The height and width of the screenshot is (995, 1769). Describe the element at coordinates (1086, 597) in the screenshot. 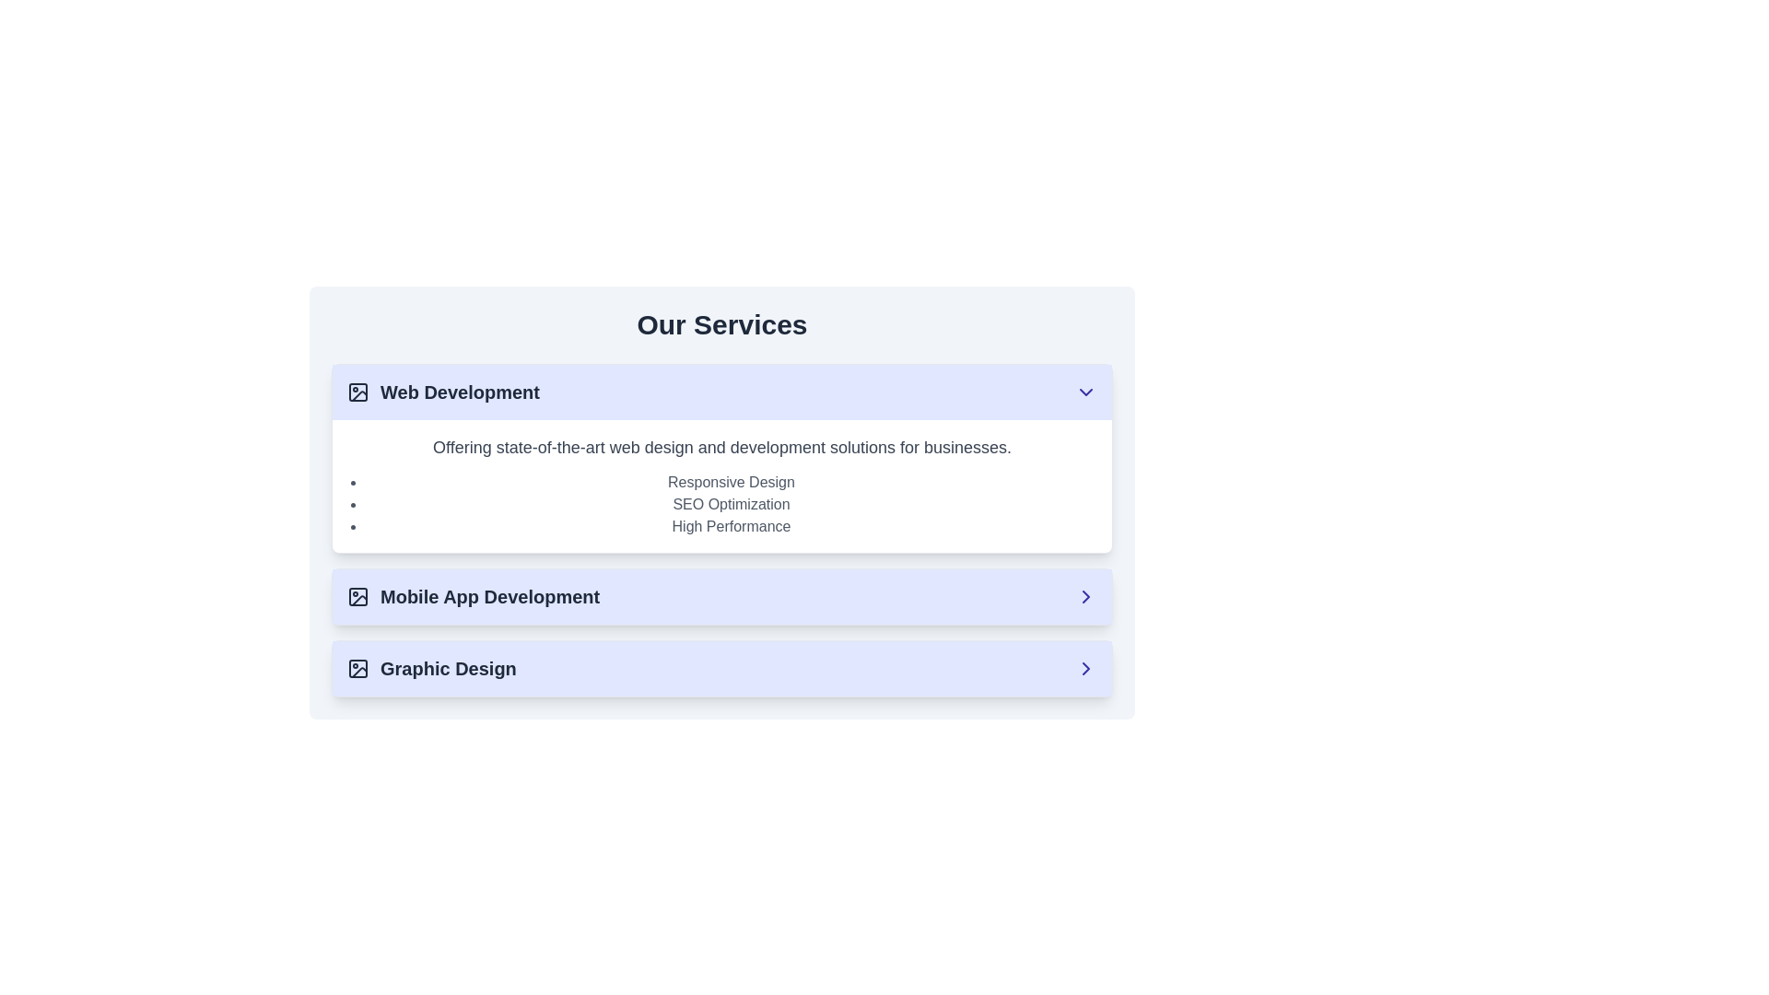

I see `the solid blue triangular arrow icon pointing to the right in the 'Mobile App Development' panel` at that location.